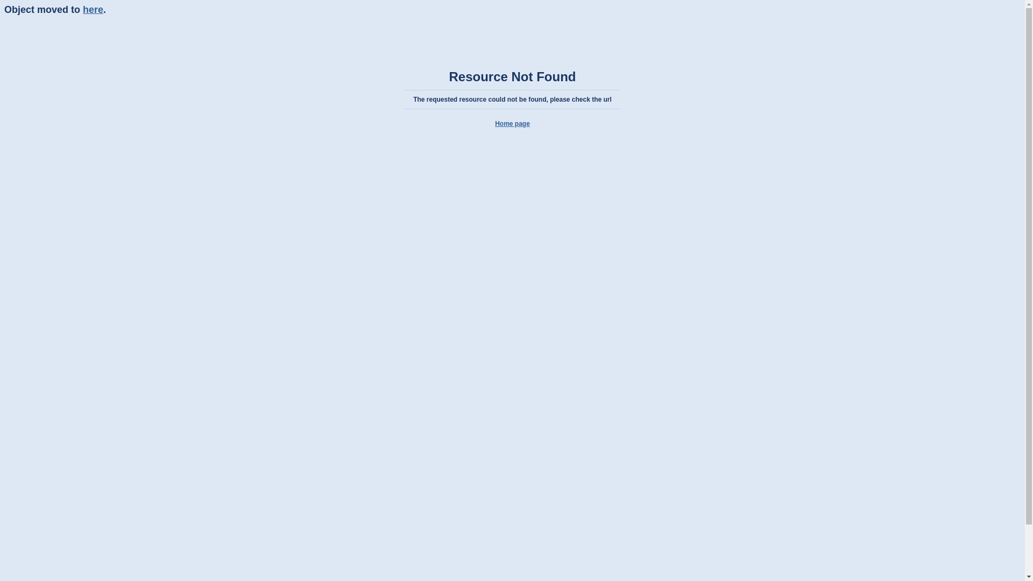 The image size is (1033, 581). I want to click on 'Home page', so click(512, 123).